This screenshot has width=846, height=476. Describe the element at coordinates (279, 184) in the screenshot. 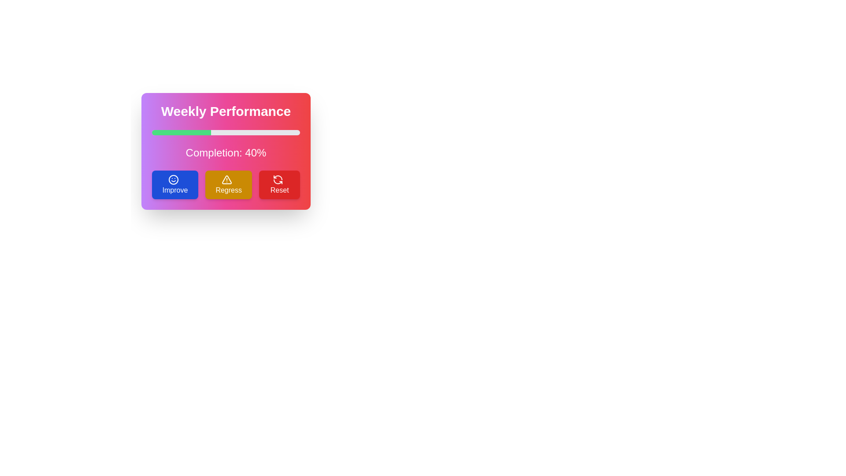

I see `the reset button located at the far right of the button group at the bottom of the card, next to the 'Regress' button` at that location.